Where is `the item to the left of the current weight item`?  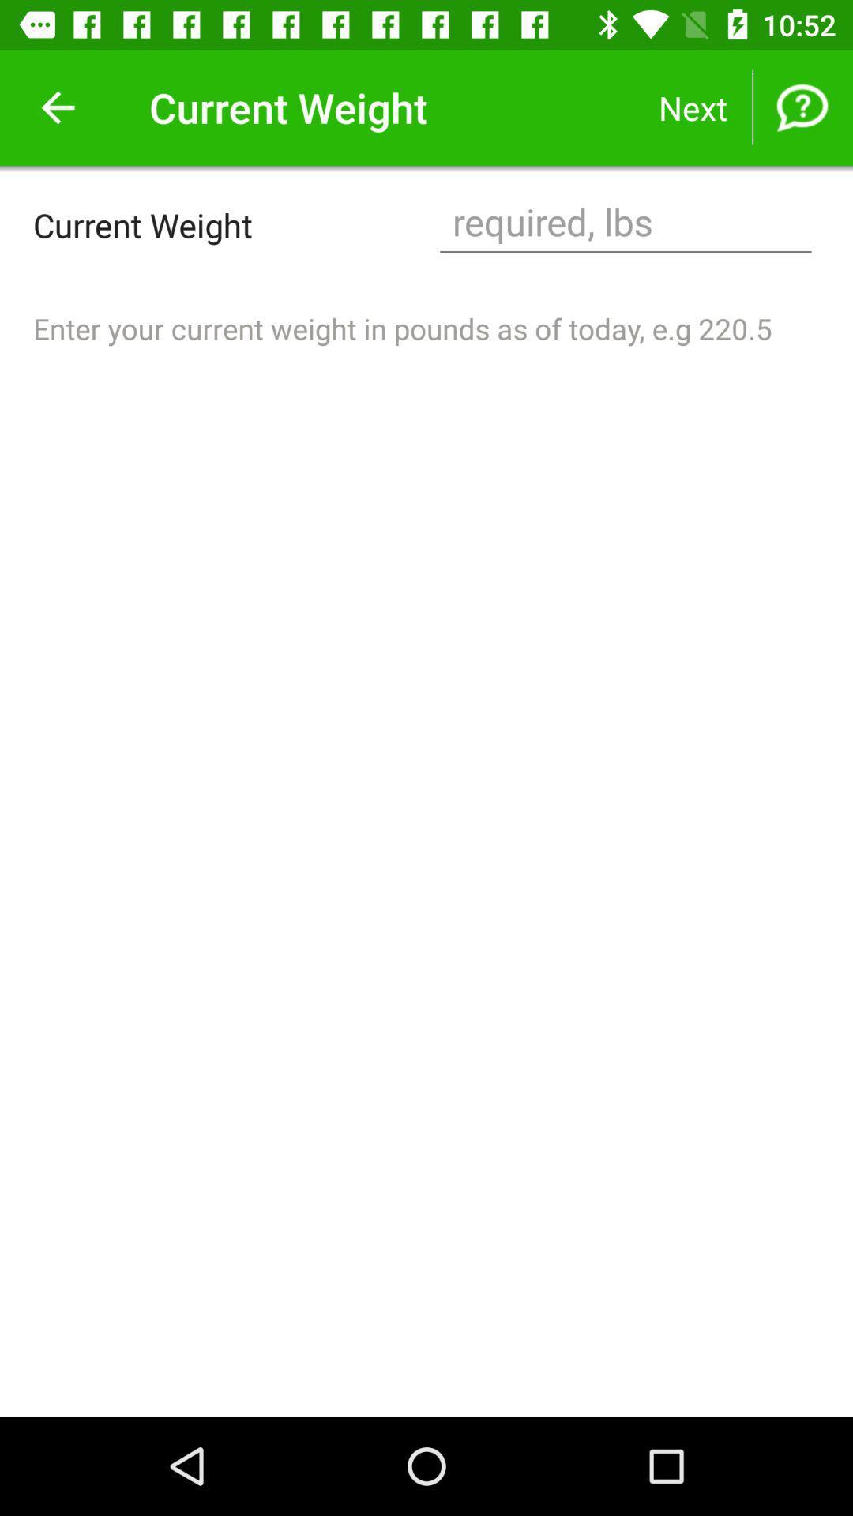
the item to the left of the current weight item is located at coordinates (57, 107).